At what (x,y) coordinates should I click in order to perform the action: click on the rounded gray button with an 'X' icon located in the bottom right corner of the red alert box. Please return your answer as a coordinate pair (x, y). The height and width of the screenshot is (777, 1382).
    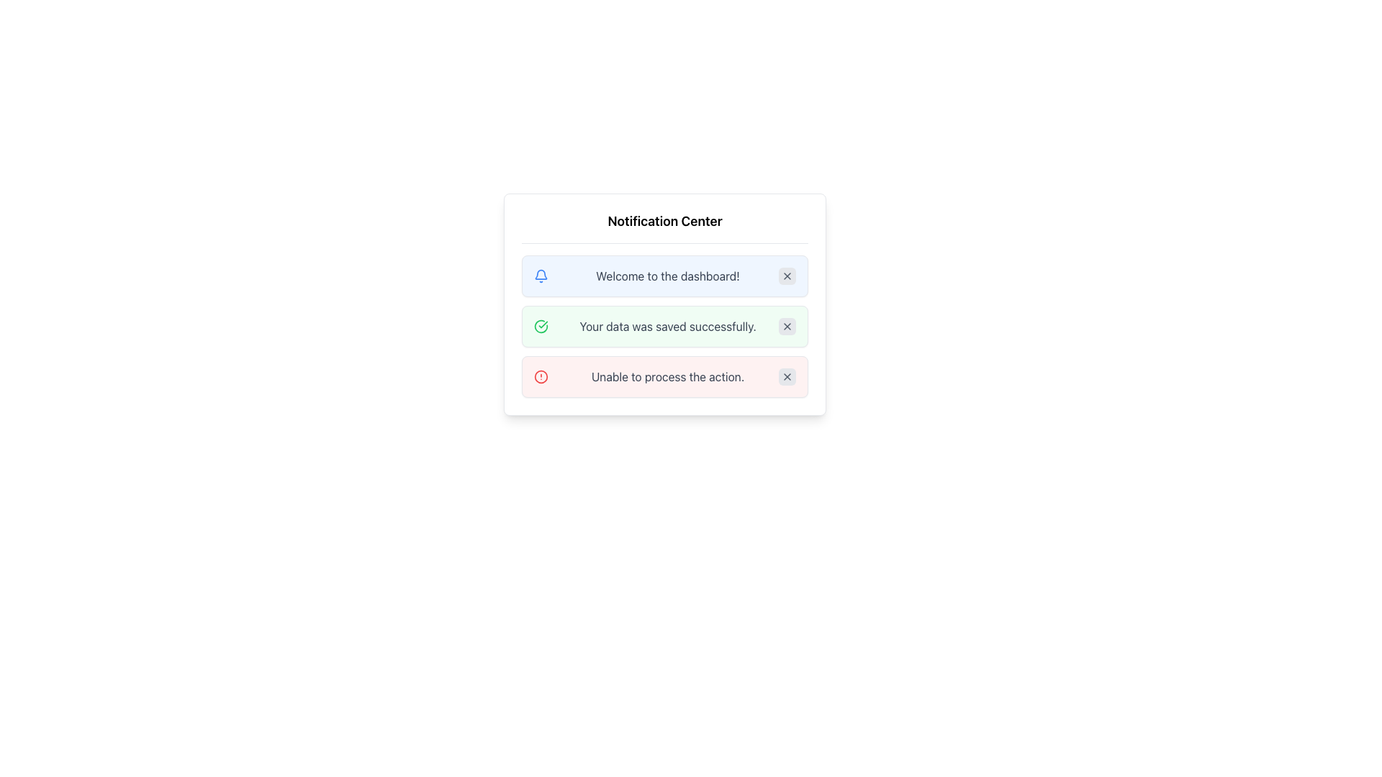
    Looking at the image, I should click on (787, 376).